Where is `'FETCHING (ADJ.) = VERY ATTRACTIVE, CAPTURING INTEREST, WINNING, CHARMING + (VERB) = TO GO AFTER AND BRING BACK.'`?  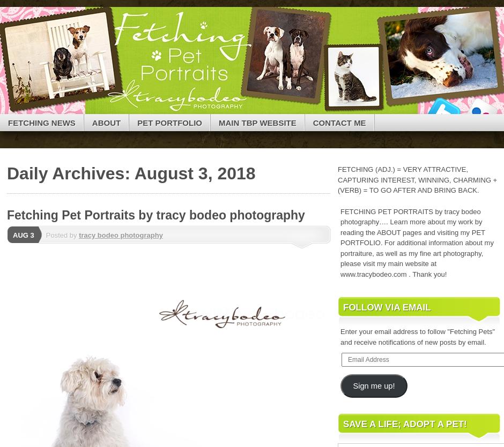
'FETCHING (ADJ.) = VERY ATTRACTIVE, CAPTURING INTEREST, WINNING, CHARMING + (VERB) = TO GO AFTER AND BRING BACK.' is located at coordinates (417, 180).